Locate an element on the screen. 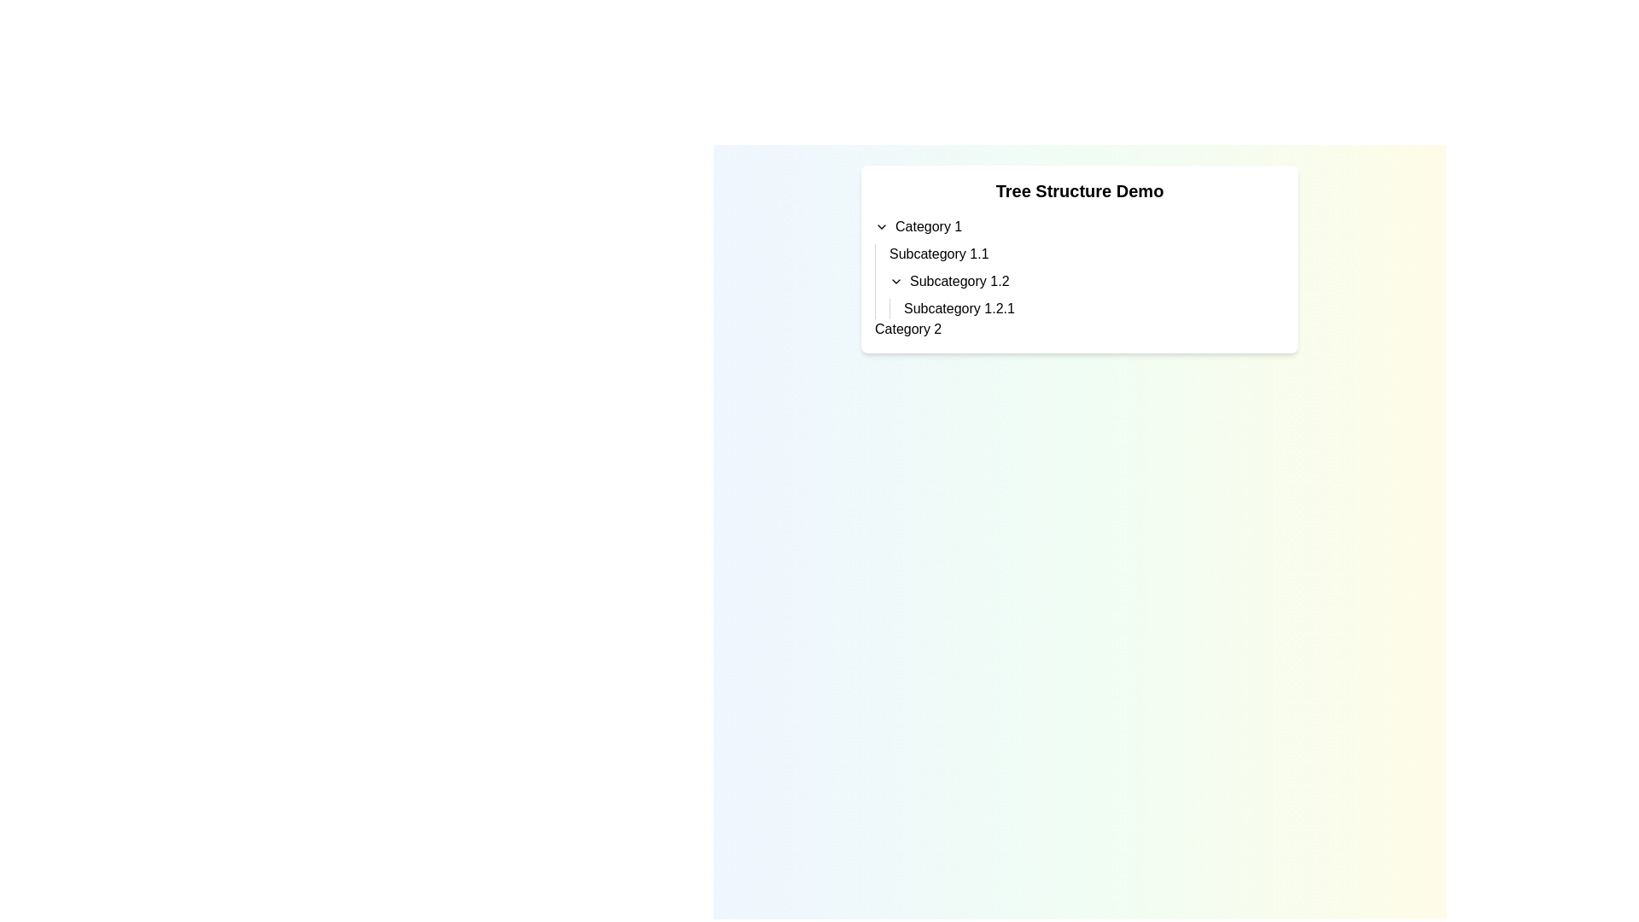 The image size is (1639, 922). the text label element reading 'Subcategory 1.2' which is part of a hierarchical tree structure in the interface is located at coordinates (959, 281).